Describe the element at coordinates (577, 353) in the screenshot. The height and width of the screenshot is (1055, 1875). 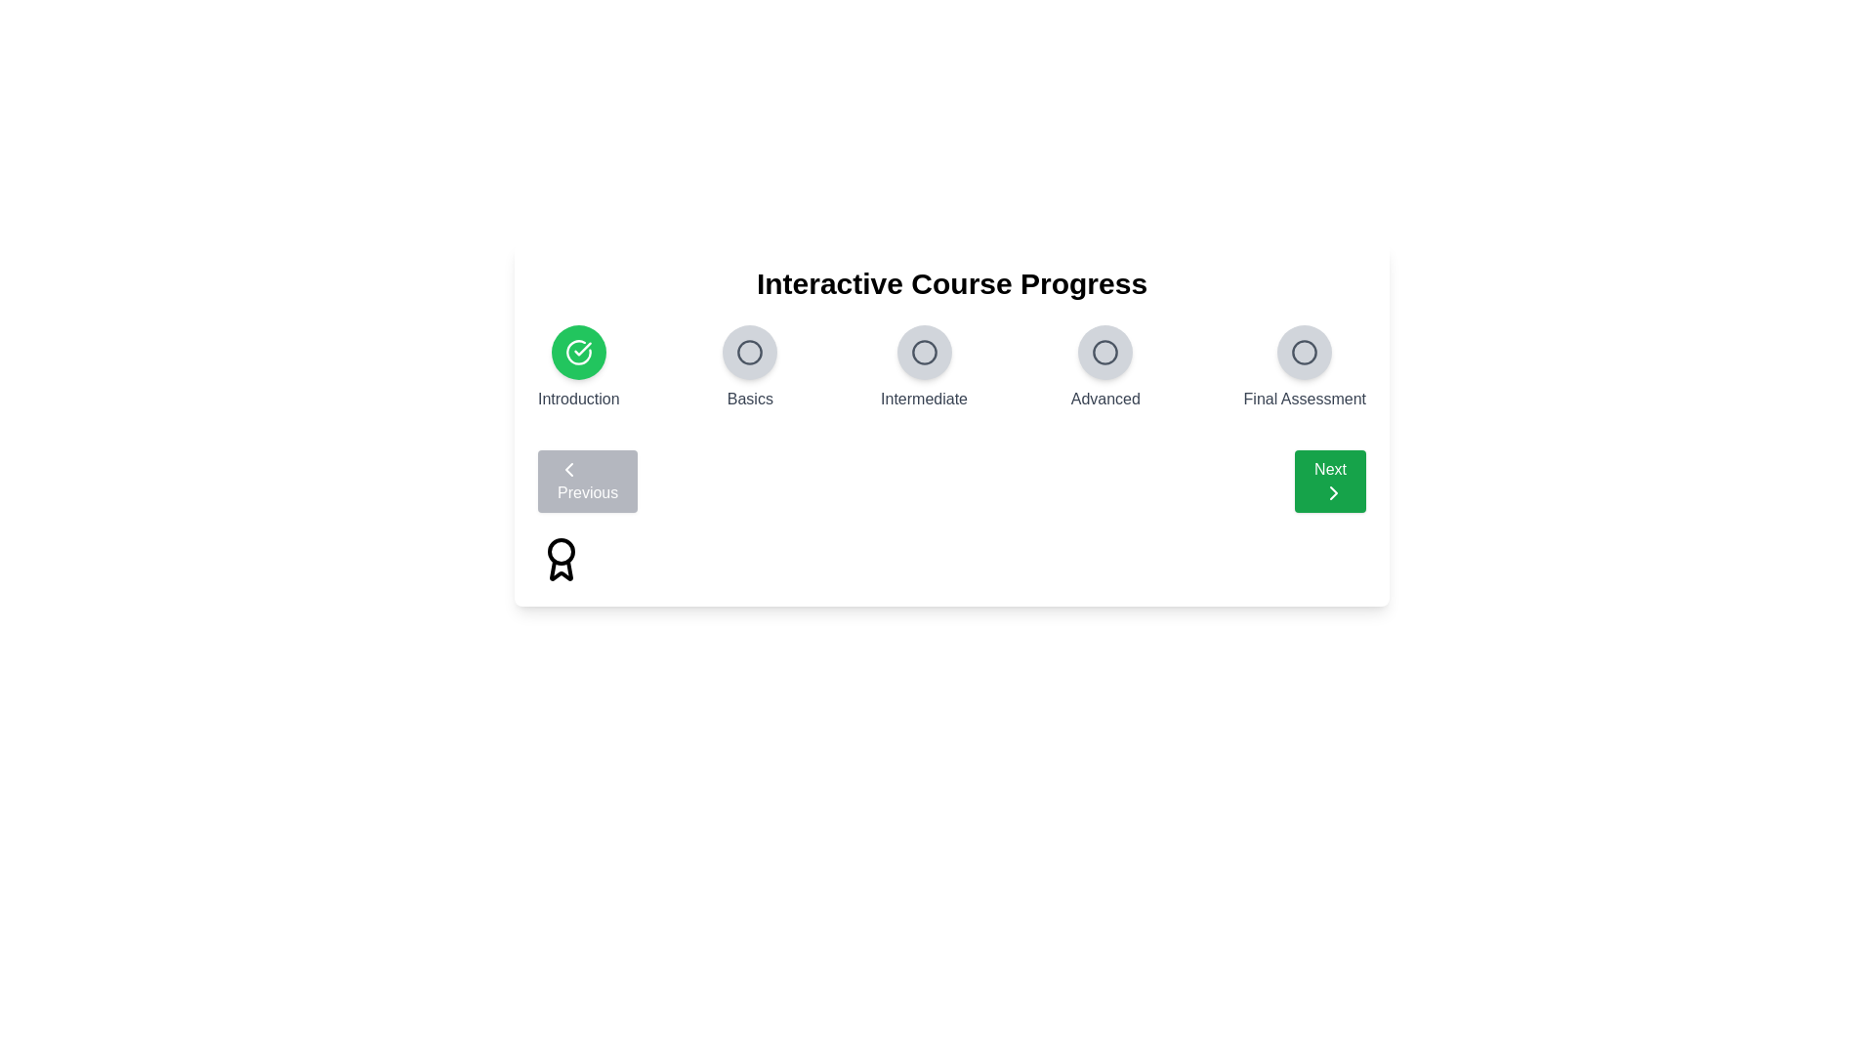
I see `the circular progress indicator icon representing the completion status of the 'Introduction' section, located on the far left of the row above the 'Previous' button` at that location.